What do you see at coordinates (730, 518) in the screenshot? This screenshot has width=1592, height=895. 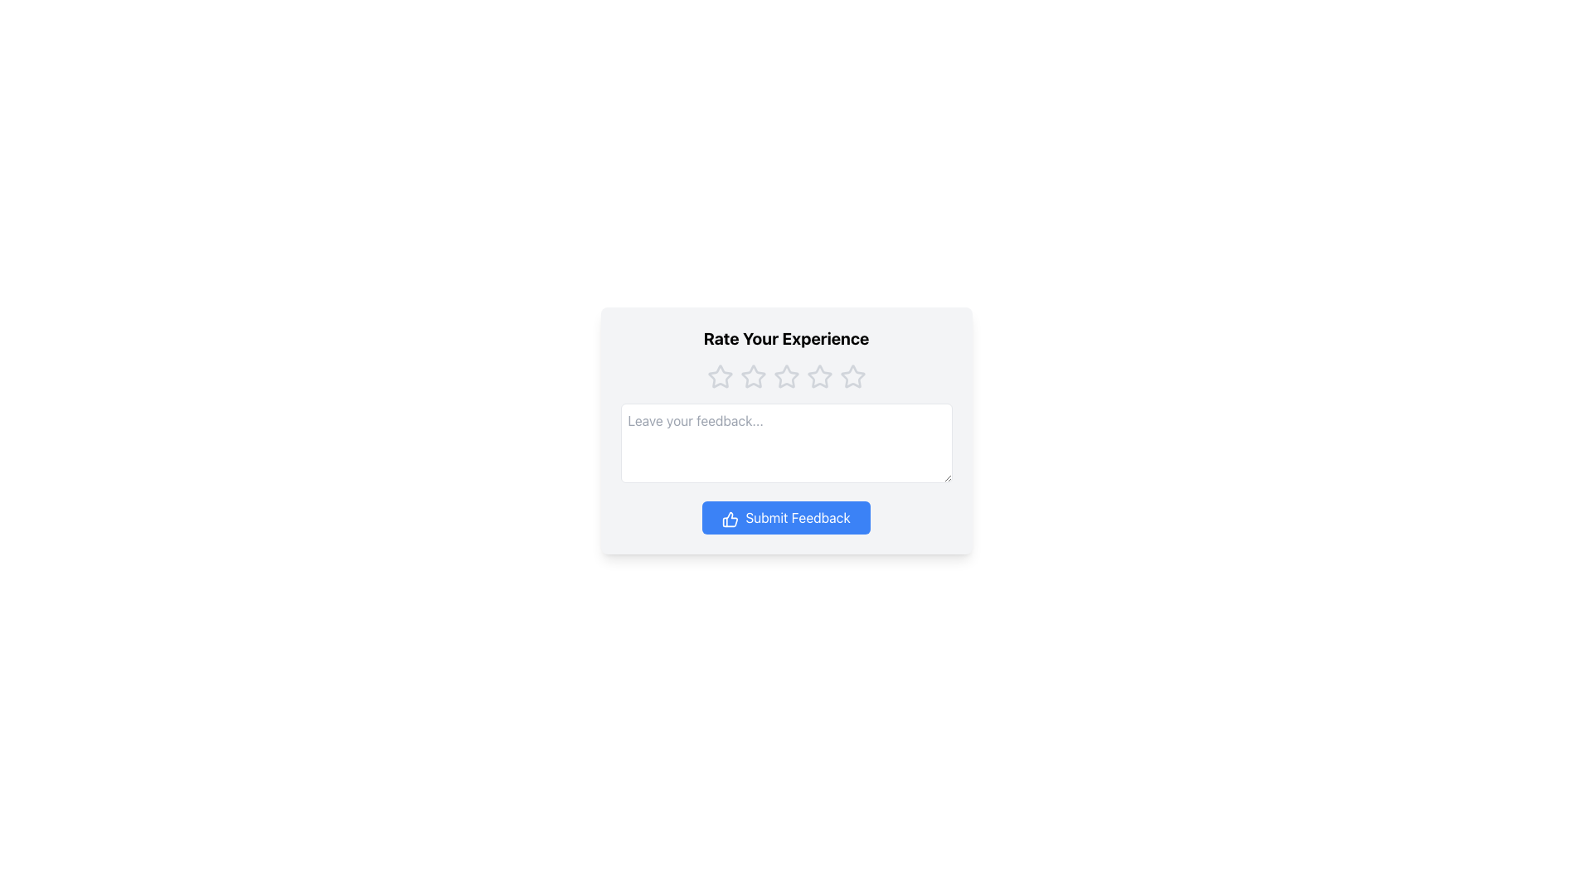 I see `the decorative icon located to the left of the 'Submit Feedback' button, which indicates a positive action` at bounding box center [730, 518].